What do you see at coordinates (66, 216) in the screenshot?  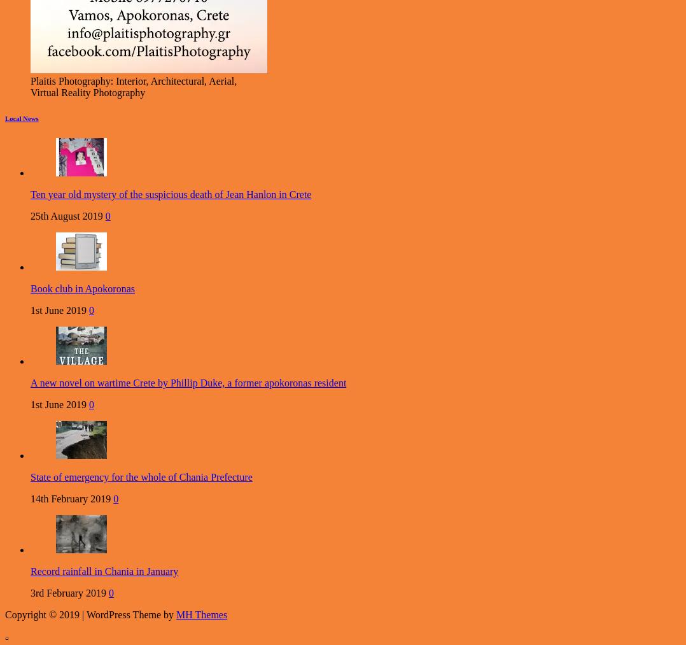 I see `'25th August 2019'` at bounding box center [66, 216].